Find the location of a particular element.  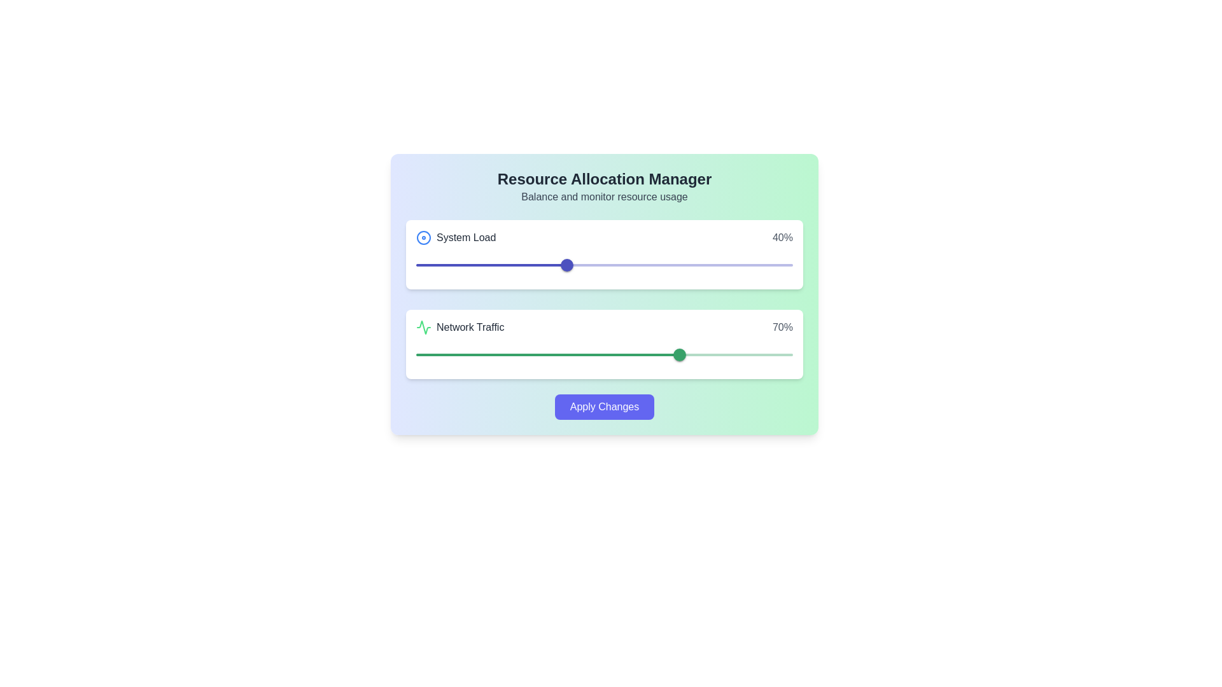

the static text displaying '40%' in gray font, positioned at the right end of the first section of the interface is located at coordinates (782, 238).